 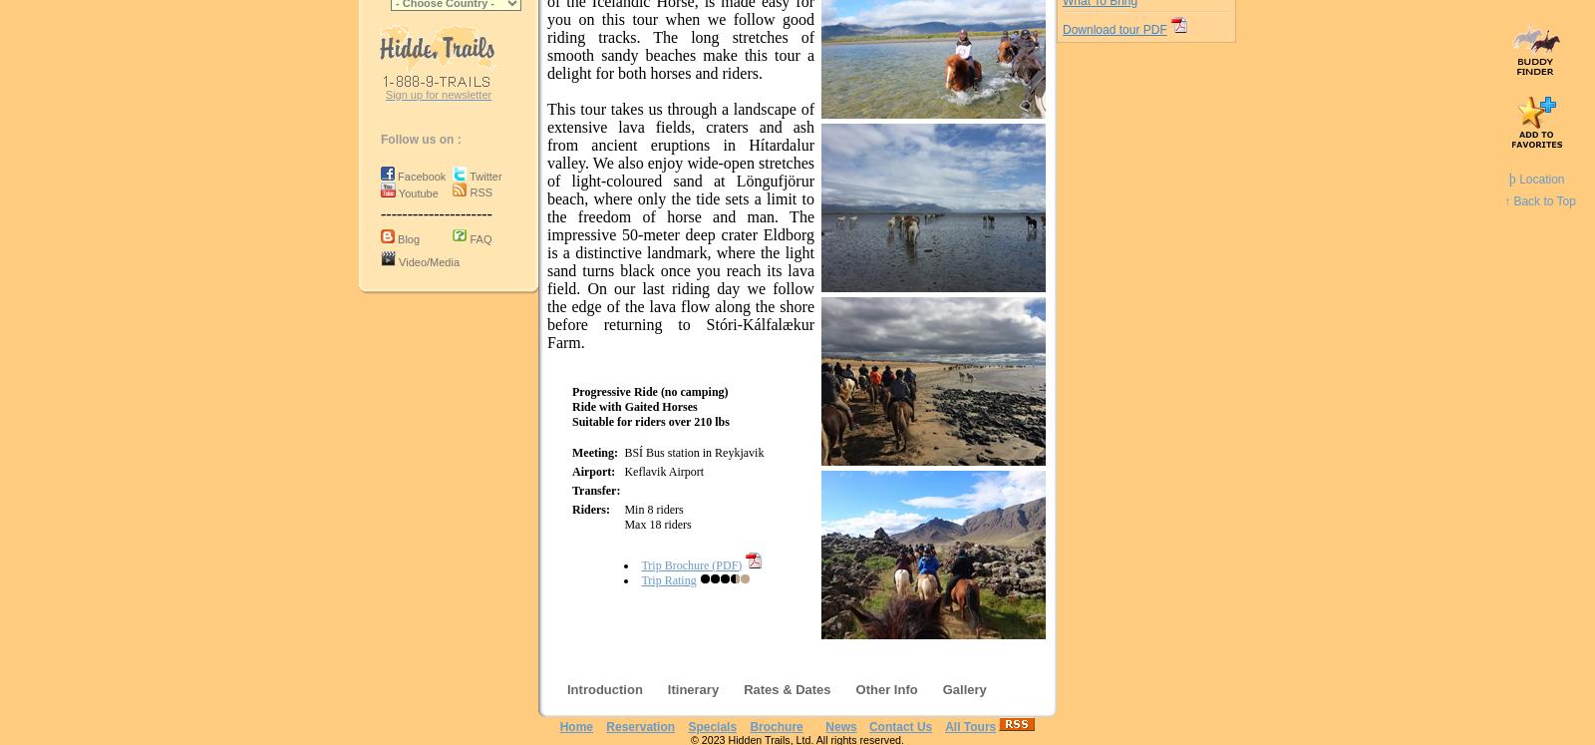 I want to click on 'Reservation', so click(x=640, y=725).